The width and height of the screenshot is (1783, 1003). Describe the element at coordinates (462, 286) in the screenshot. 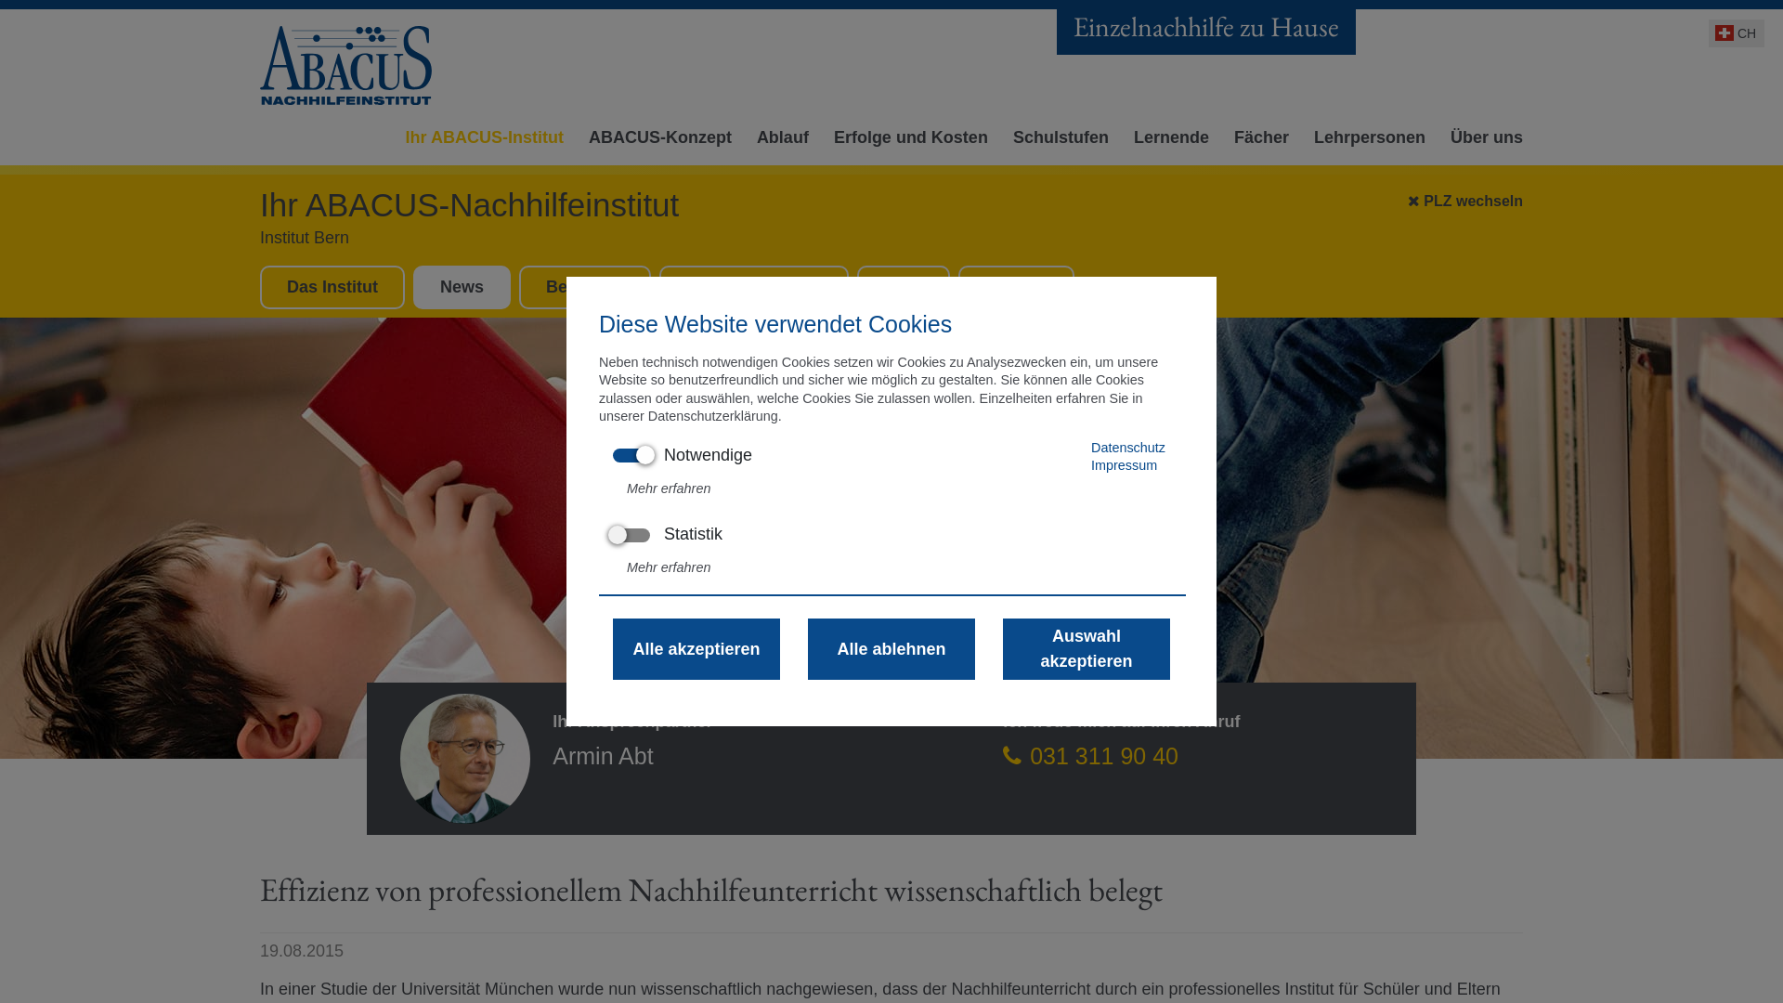

I see `'News'` at that location.